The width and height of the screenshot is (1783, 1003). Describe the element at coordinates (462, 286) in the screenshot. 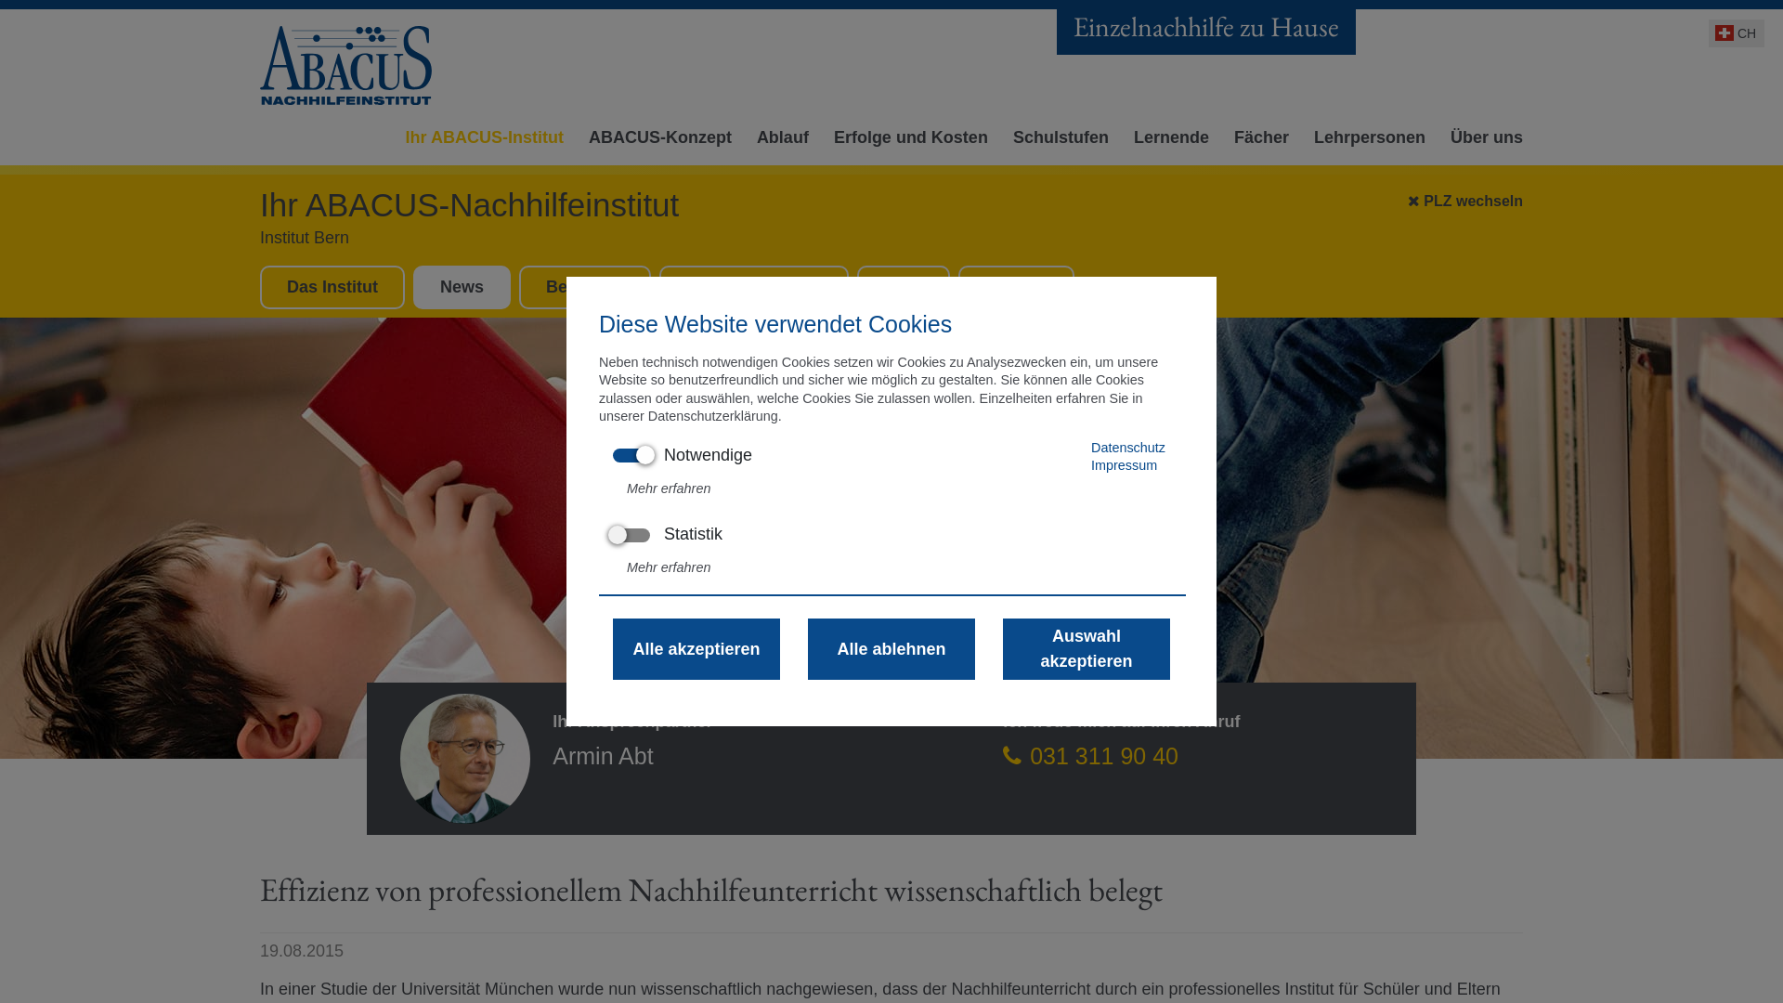

I see `'News'` at that location.